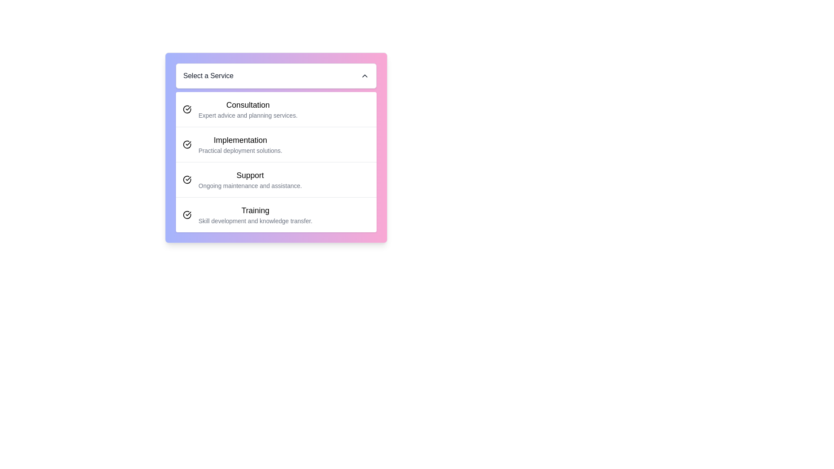  Describe the element at coordinates (187, 109) in the screenshot. I see `the small circular icon with a checkmark symbol located next to the text content of the first list item labeled 'Consultation'` at that location.